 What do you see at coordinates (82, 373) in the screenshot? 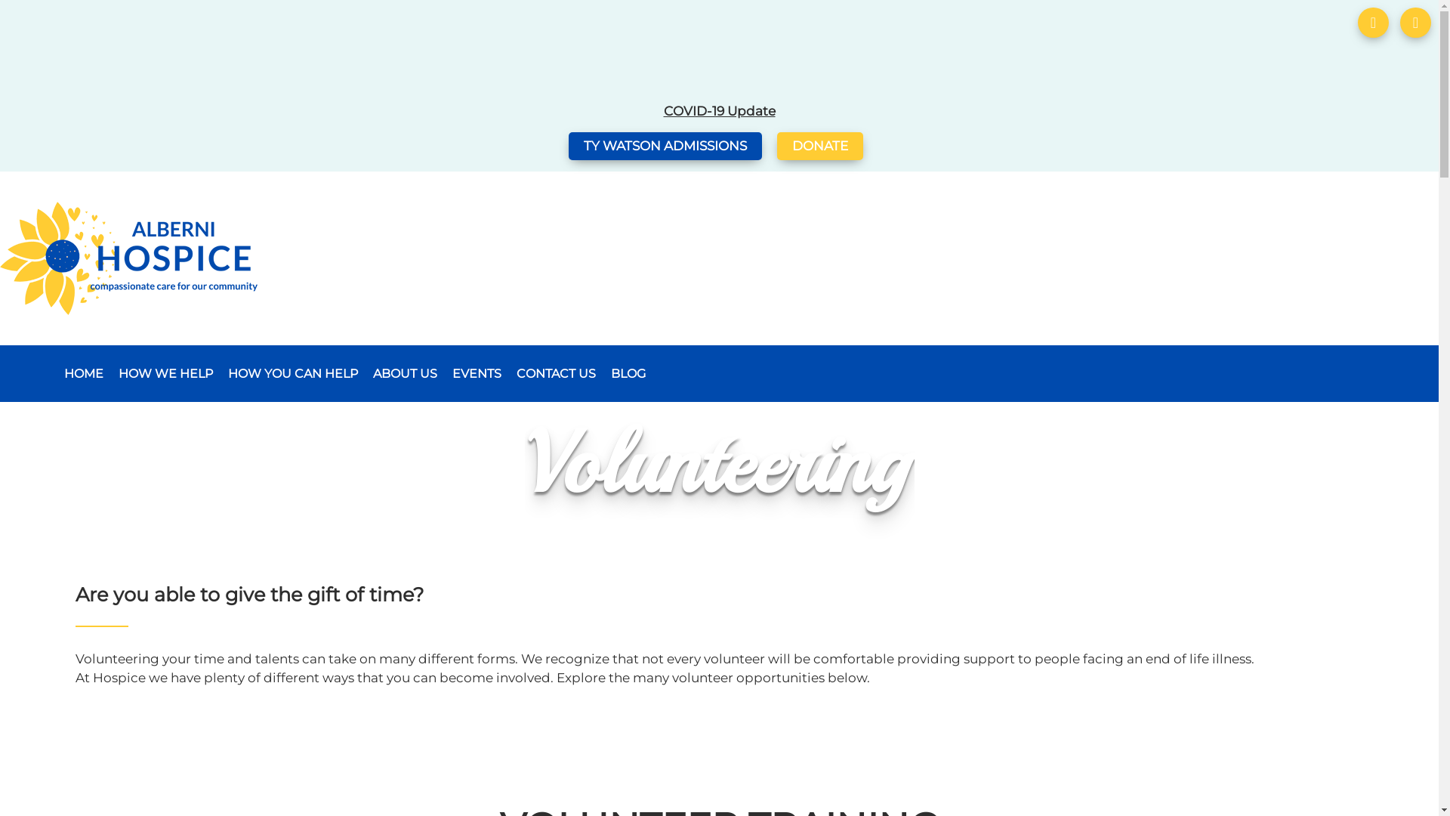
I see `'HOME'` at bounding box center [82, 373].